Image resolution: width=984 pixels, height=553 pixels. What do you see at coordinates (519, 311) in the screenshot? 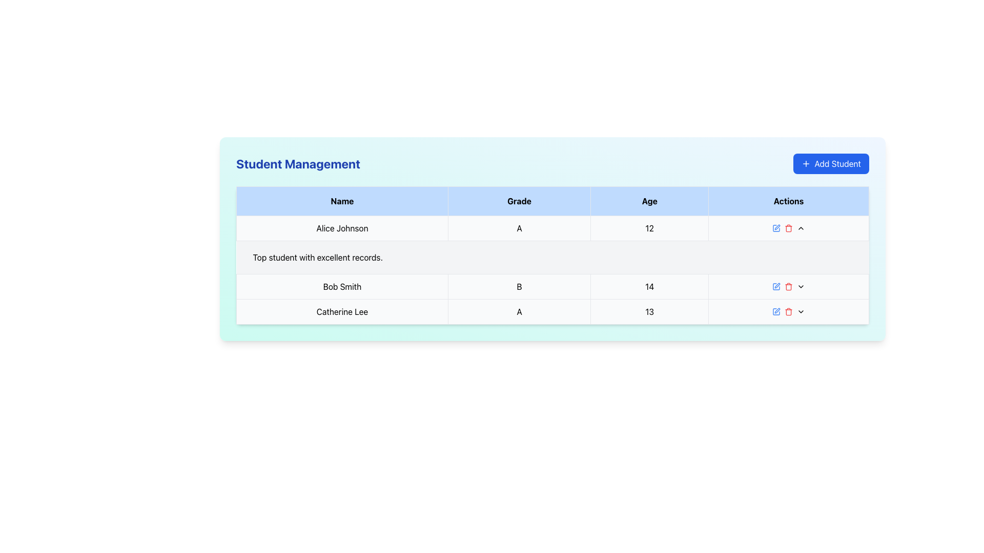
I see `the Table Cell displaying the character 'A' in the 'Grade' column of the last row for 'Catherine Lee'` at bounding box center [519, 311].